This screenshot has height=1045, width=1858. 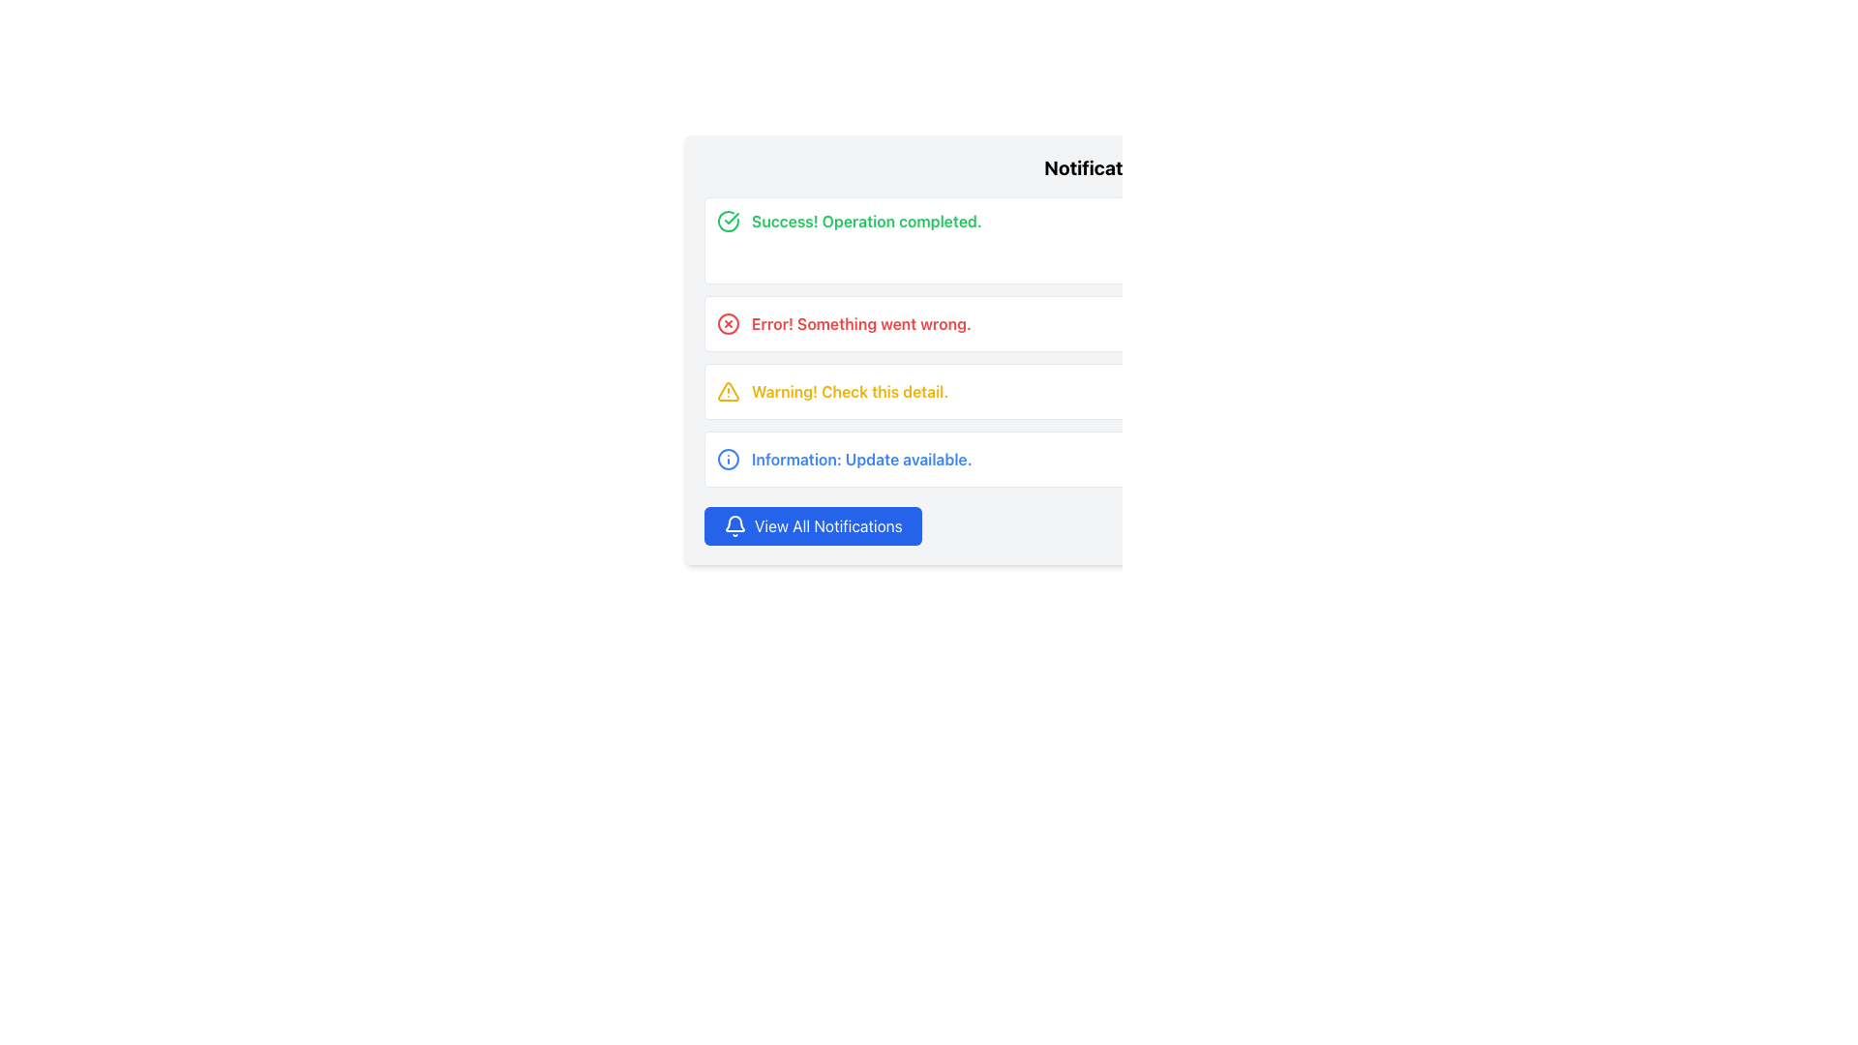 What do you see at coordinates (865, 220) in the screenshot?
I see `the notification text indicating successful operation, located in the topmost notification panel, to the right of the green checkmark icon` at bounding box center [865, 220].